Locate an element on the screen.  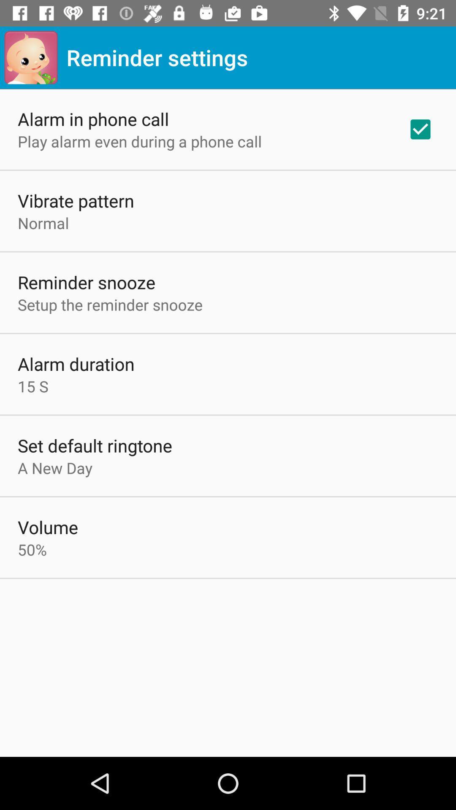
the icon above the reminder snooze app is located at coordinates (43, 223).